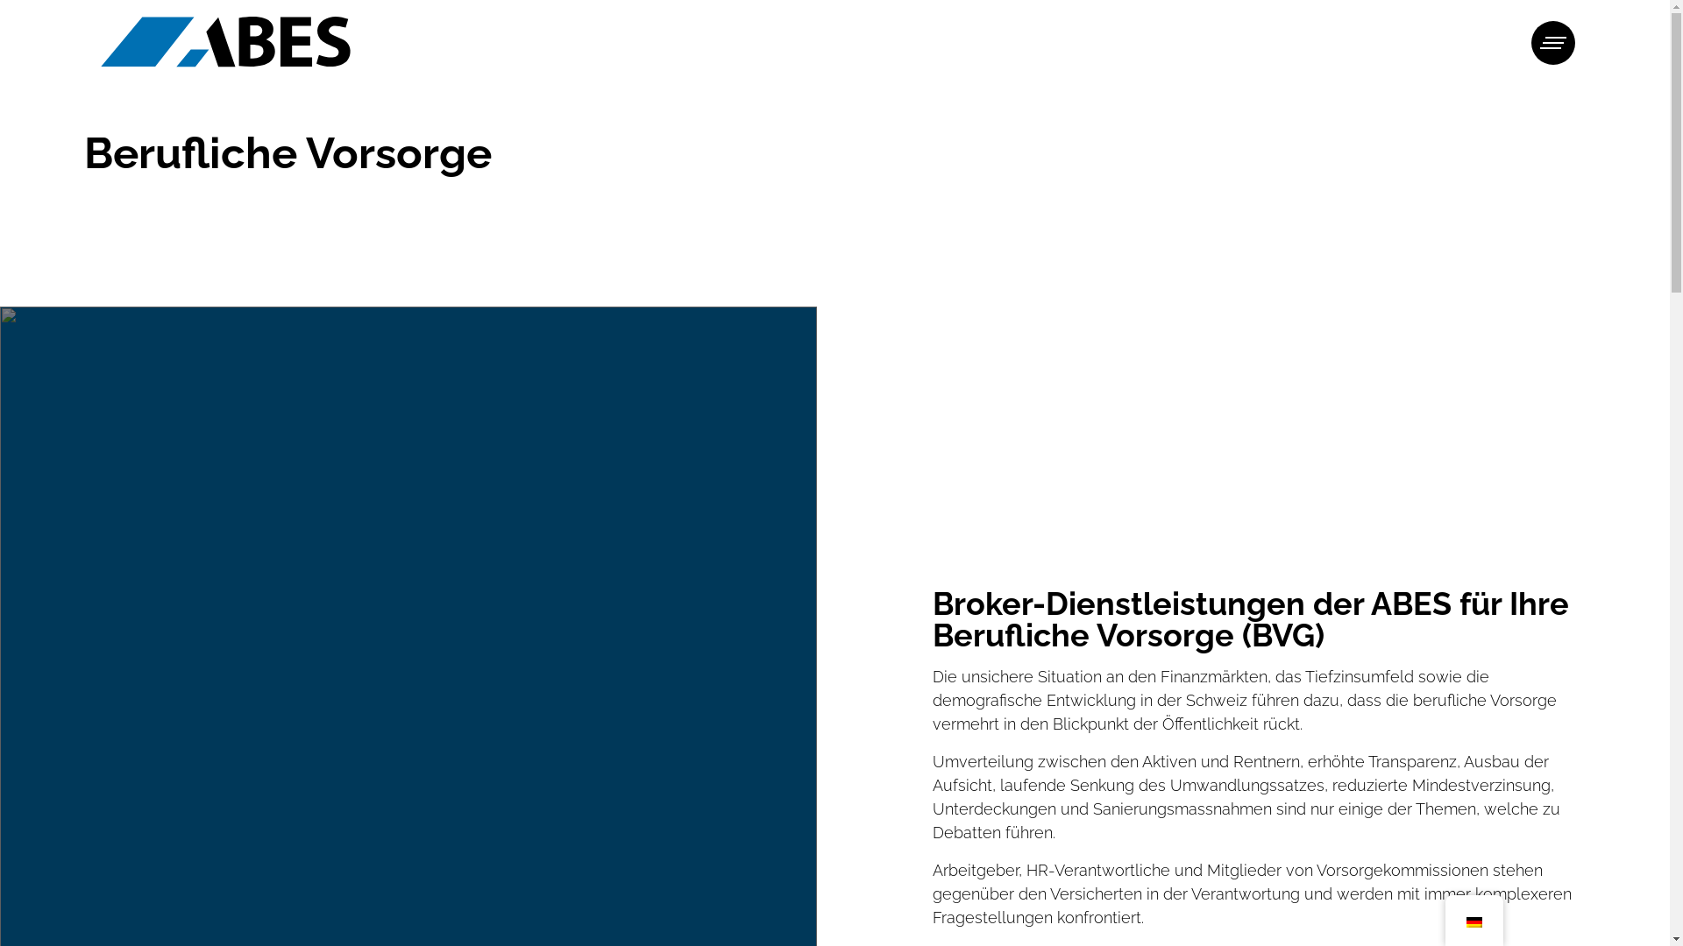 The height and width of the screenshot is (946, 1683). Describe the element at coordinates (1473, 921) in the screenshot. I see `'German'` at that location.